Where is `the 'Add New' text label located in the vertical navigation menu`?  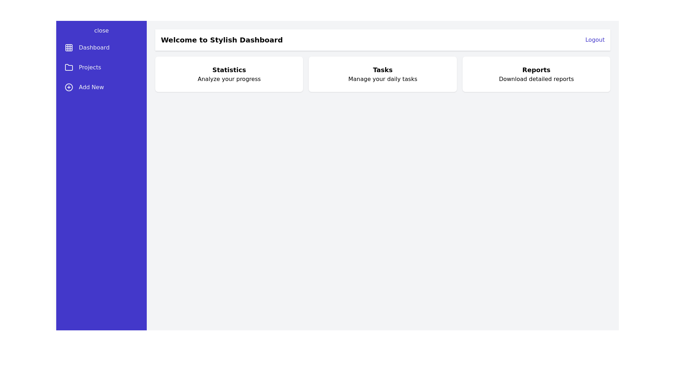 the 'Add New' text label located in the vertical navigation menu is located at coordinates (91, 87).